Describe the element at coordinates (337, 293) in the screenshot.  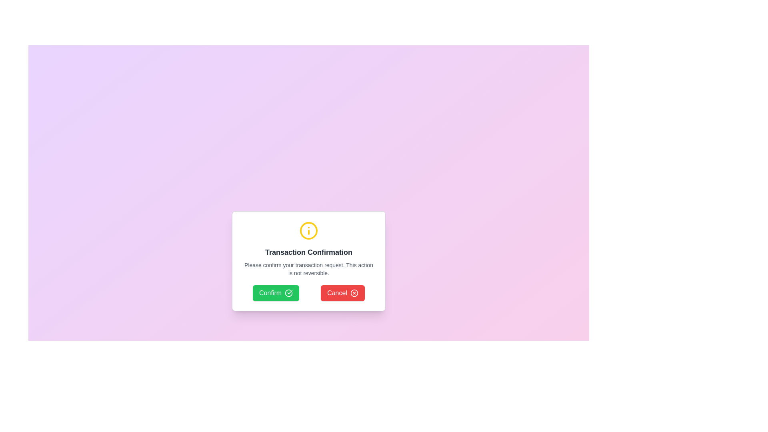
I see `the 'Cancel' button in the confirmation modal` at that location.